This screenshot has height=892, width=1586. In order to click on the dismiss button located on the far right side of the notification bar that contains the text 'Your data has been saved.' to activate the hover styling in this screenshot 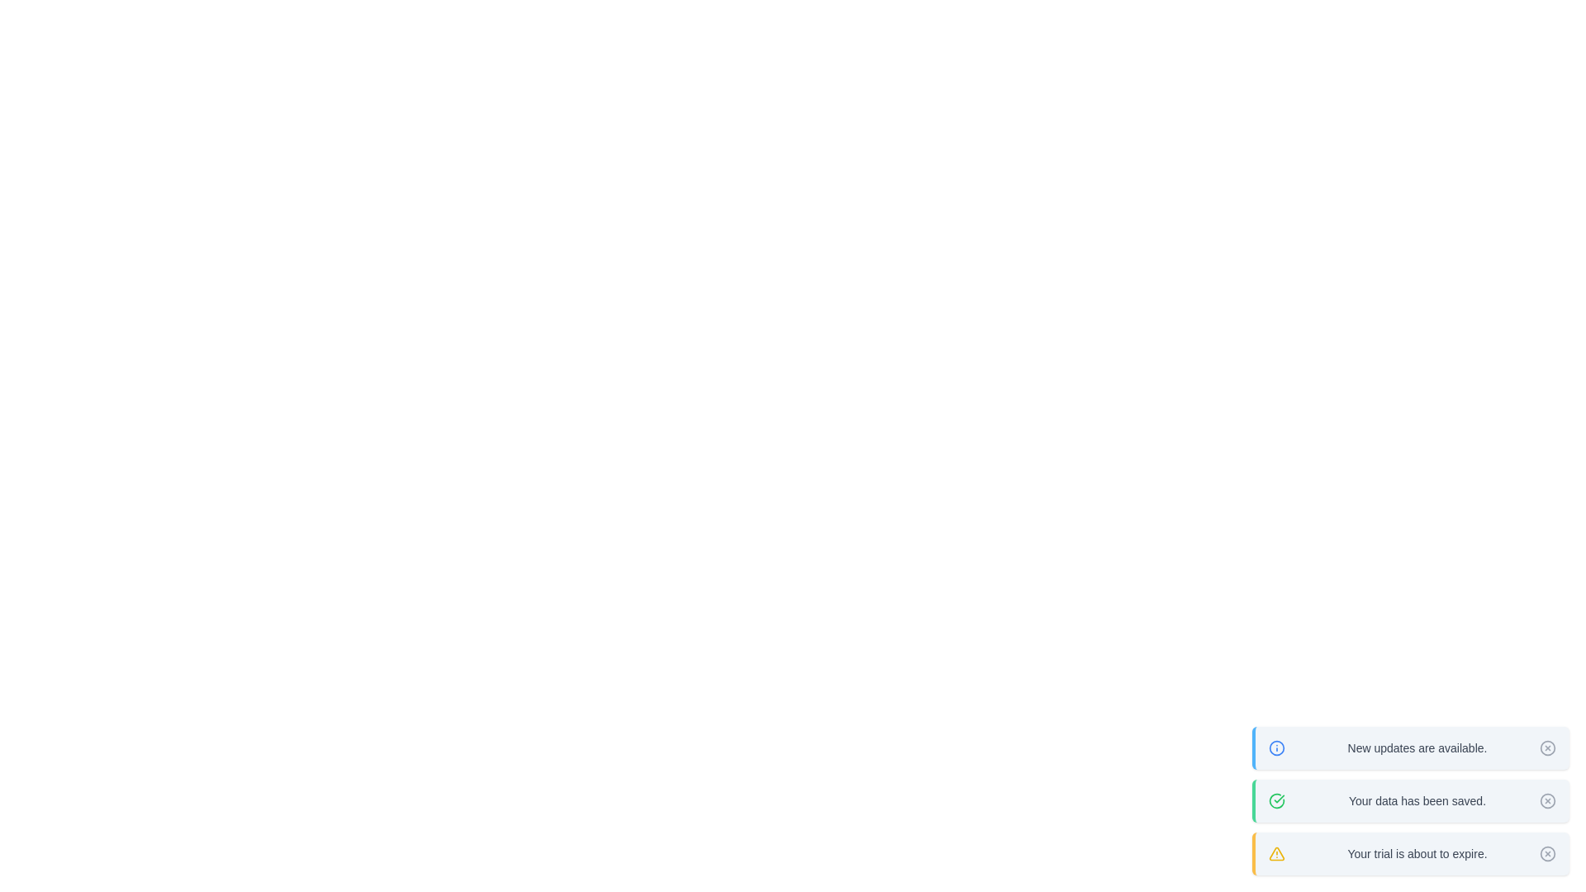, I will do `click(1546, 799)`.